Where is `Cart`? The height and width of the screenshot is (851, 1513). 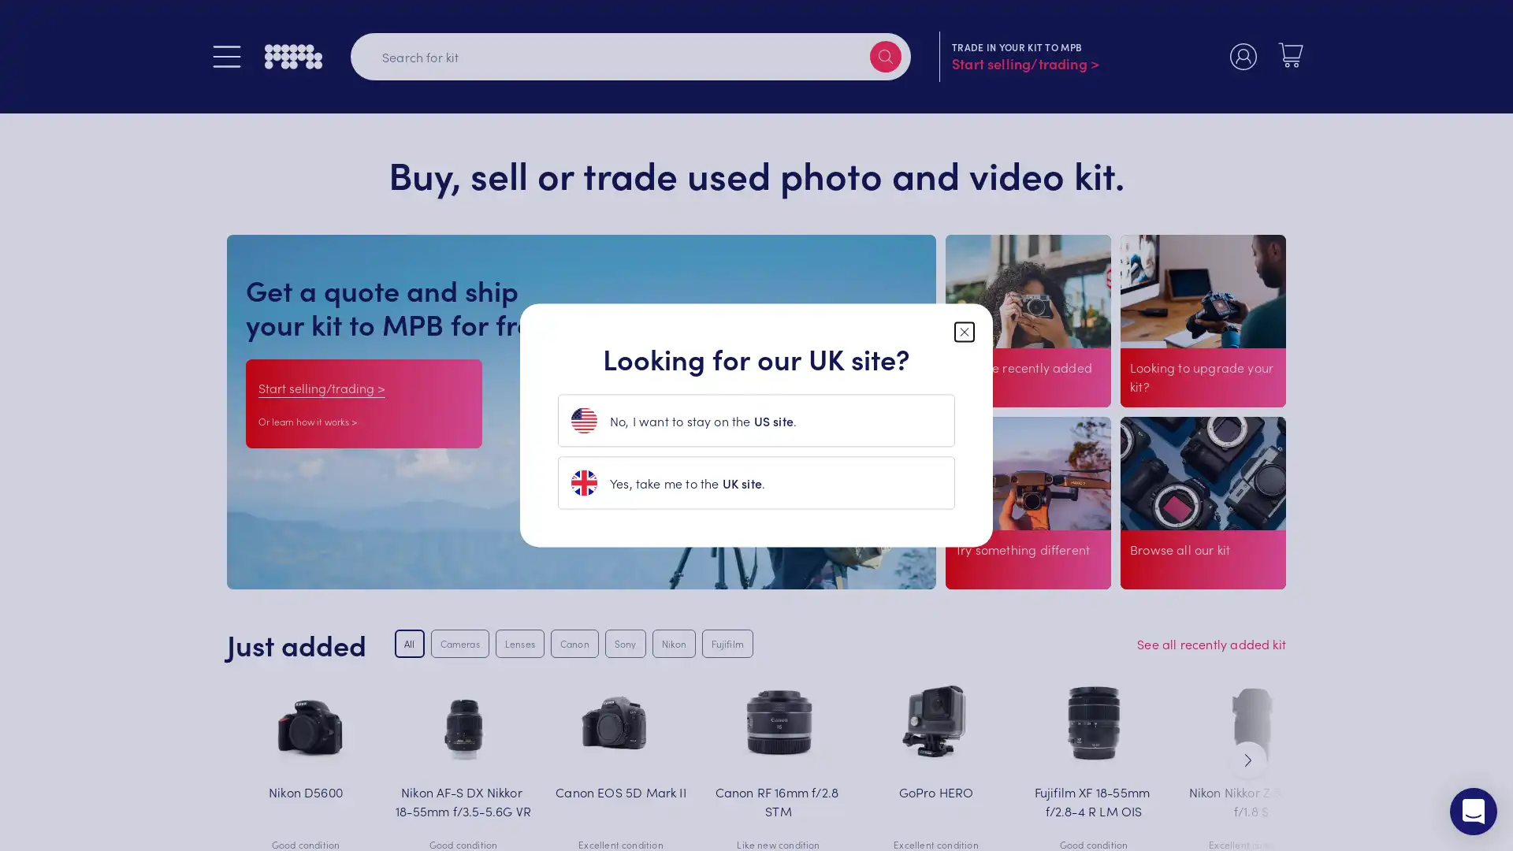 Cart is located at coordinates (1290, 54).